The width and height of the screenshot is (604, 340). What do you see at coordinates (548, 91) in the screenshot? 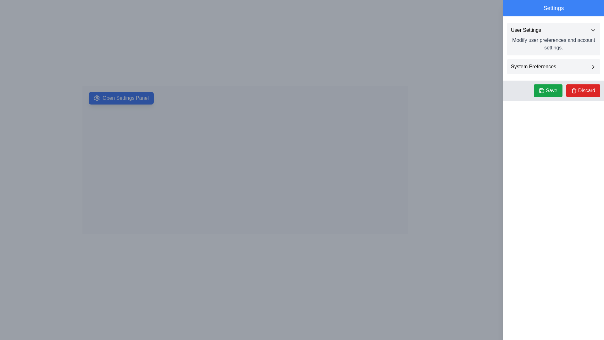
I see `the save button` at bounding box center [548, 91].